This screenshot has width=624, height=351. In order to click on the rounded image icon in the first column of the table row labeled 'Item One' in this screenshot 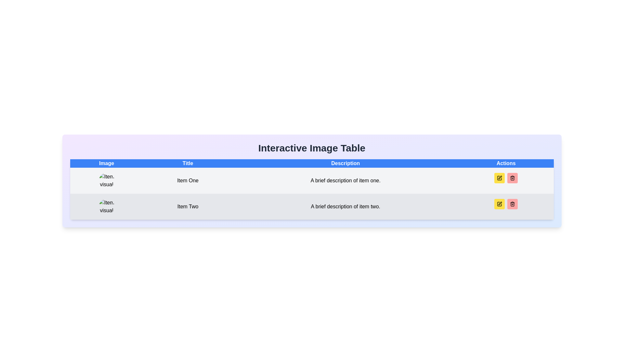, I will do `click(106, 180)`.